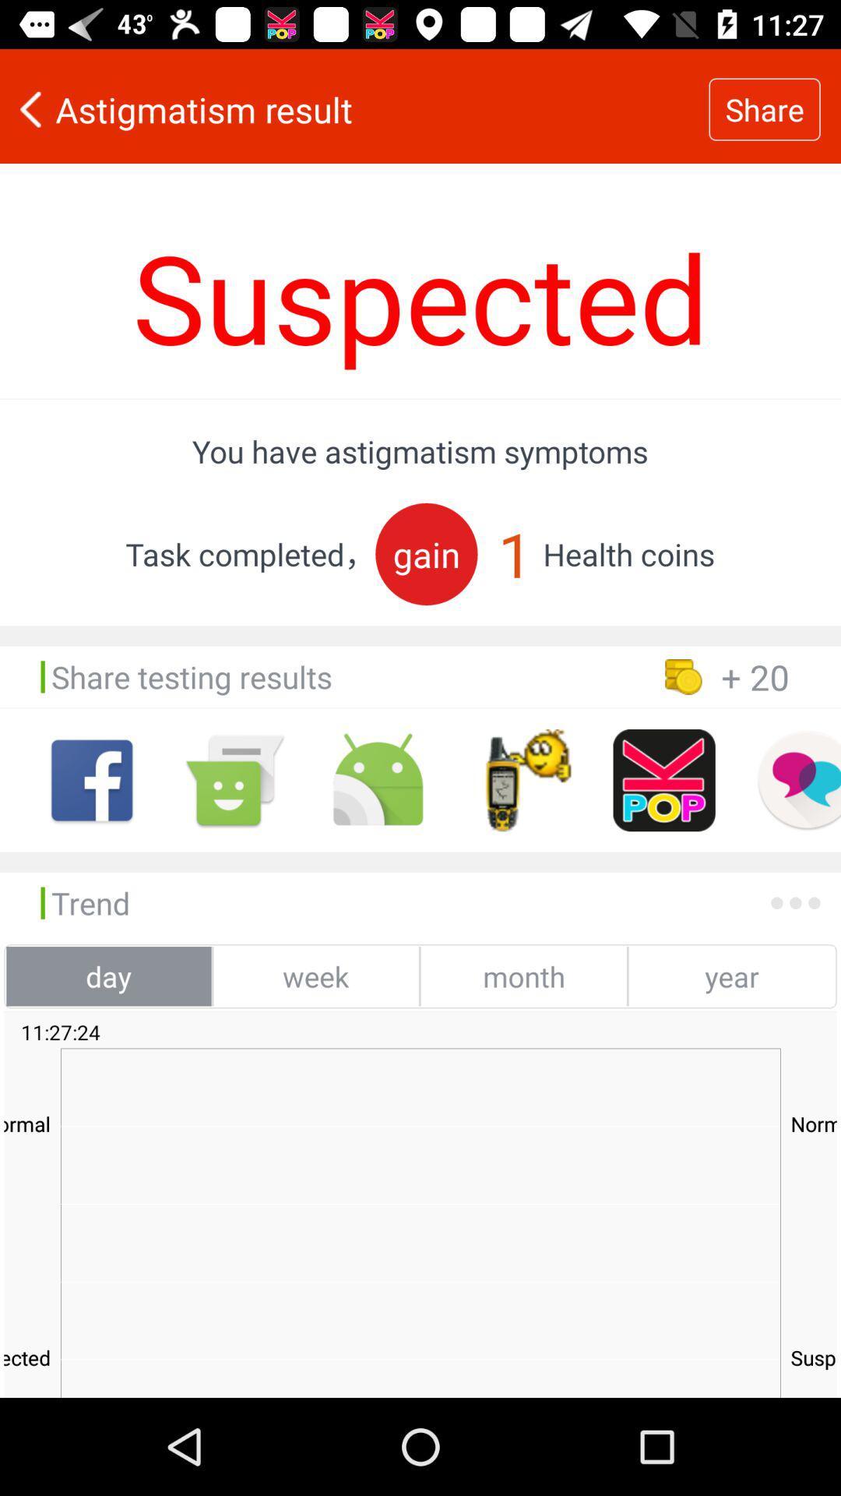 This screenshot has height=1496, width=841. I want to click on private message option, so click(798, 780).